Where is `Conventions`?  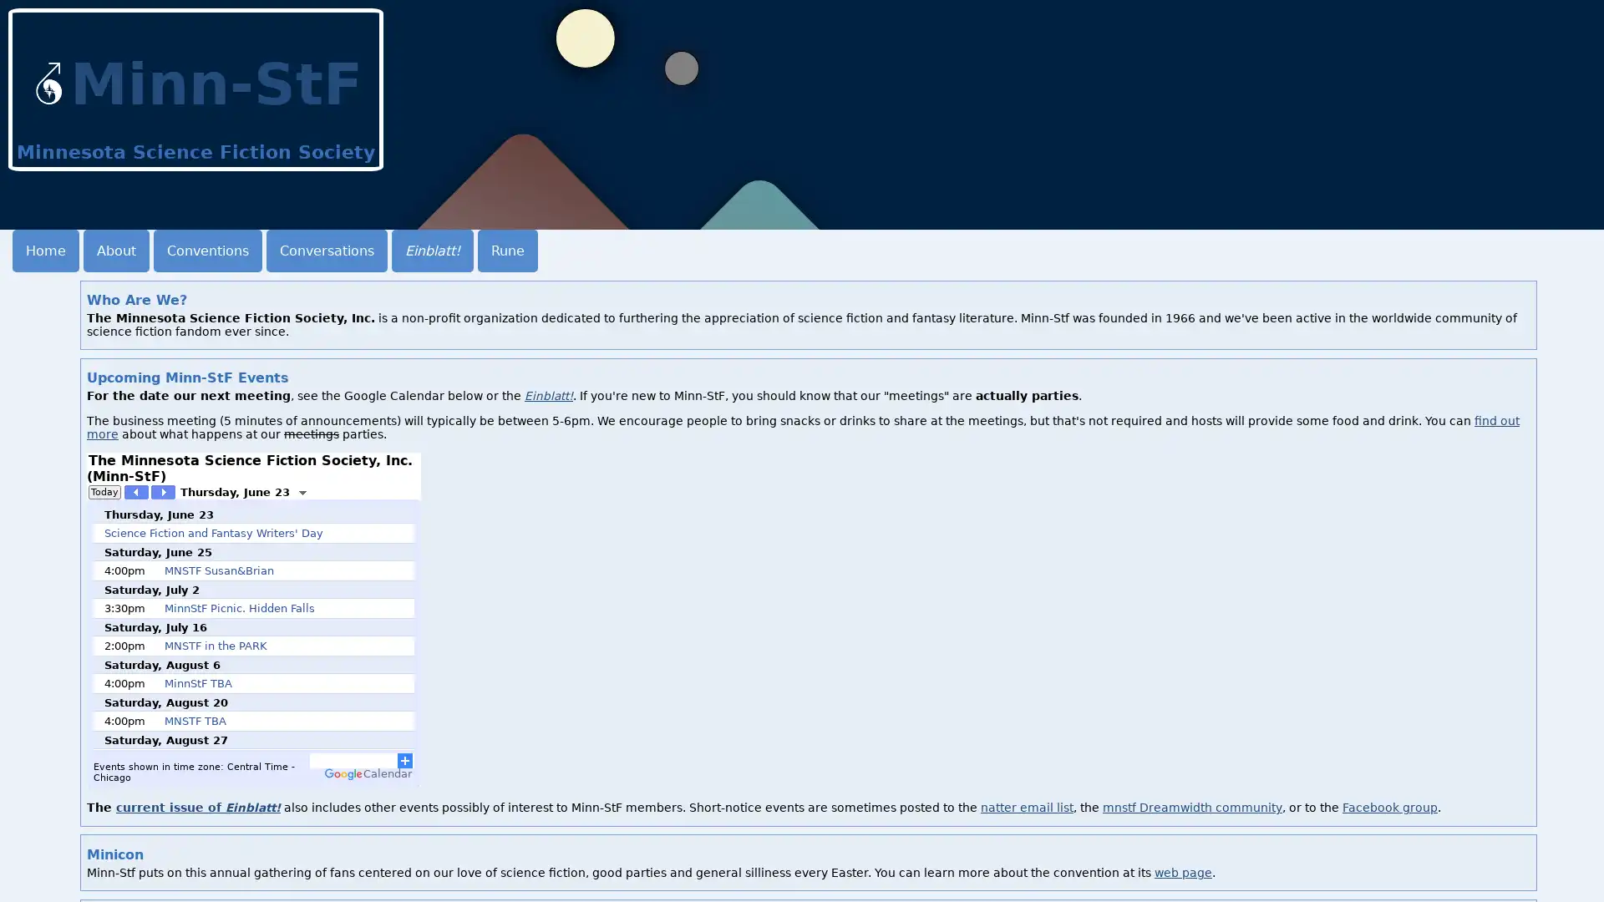 Conventions is located at coordinates (207, 251).